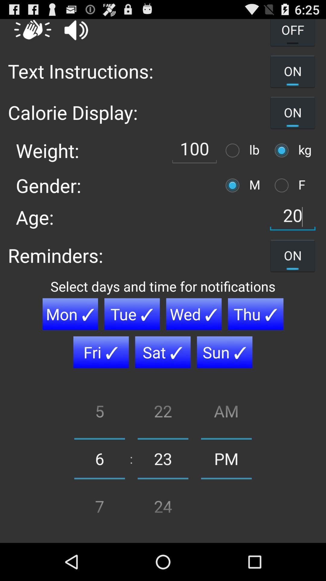  What do you see at coordinates (283, 185) in the screenshot?
I see `gender selection` at bounding box center [283, 185].